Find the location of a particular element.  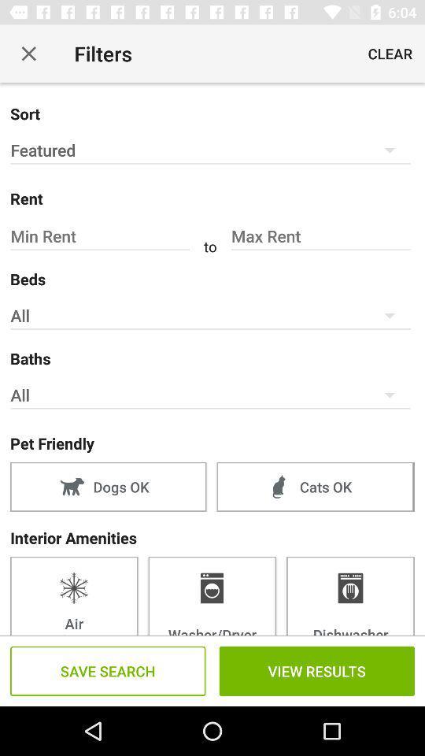

washer/dryer is located at coordinates (212, 595).